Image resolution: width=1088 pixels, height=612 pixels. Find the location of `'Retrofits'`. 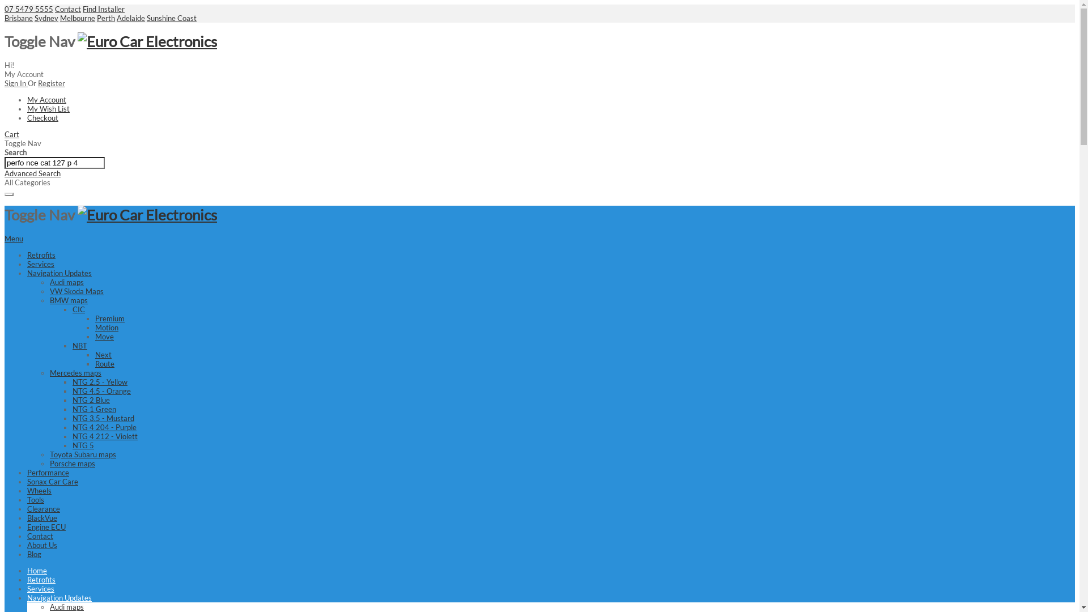

'Retrofits' is located at coordinates (41, 579).